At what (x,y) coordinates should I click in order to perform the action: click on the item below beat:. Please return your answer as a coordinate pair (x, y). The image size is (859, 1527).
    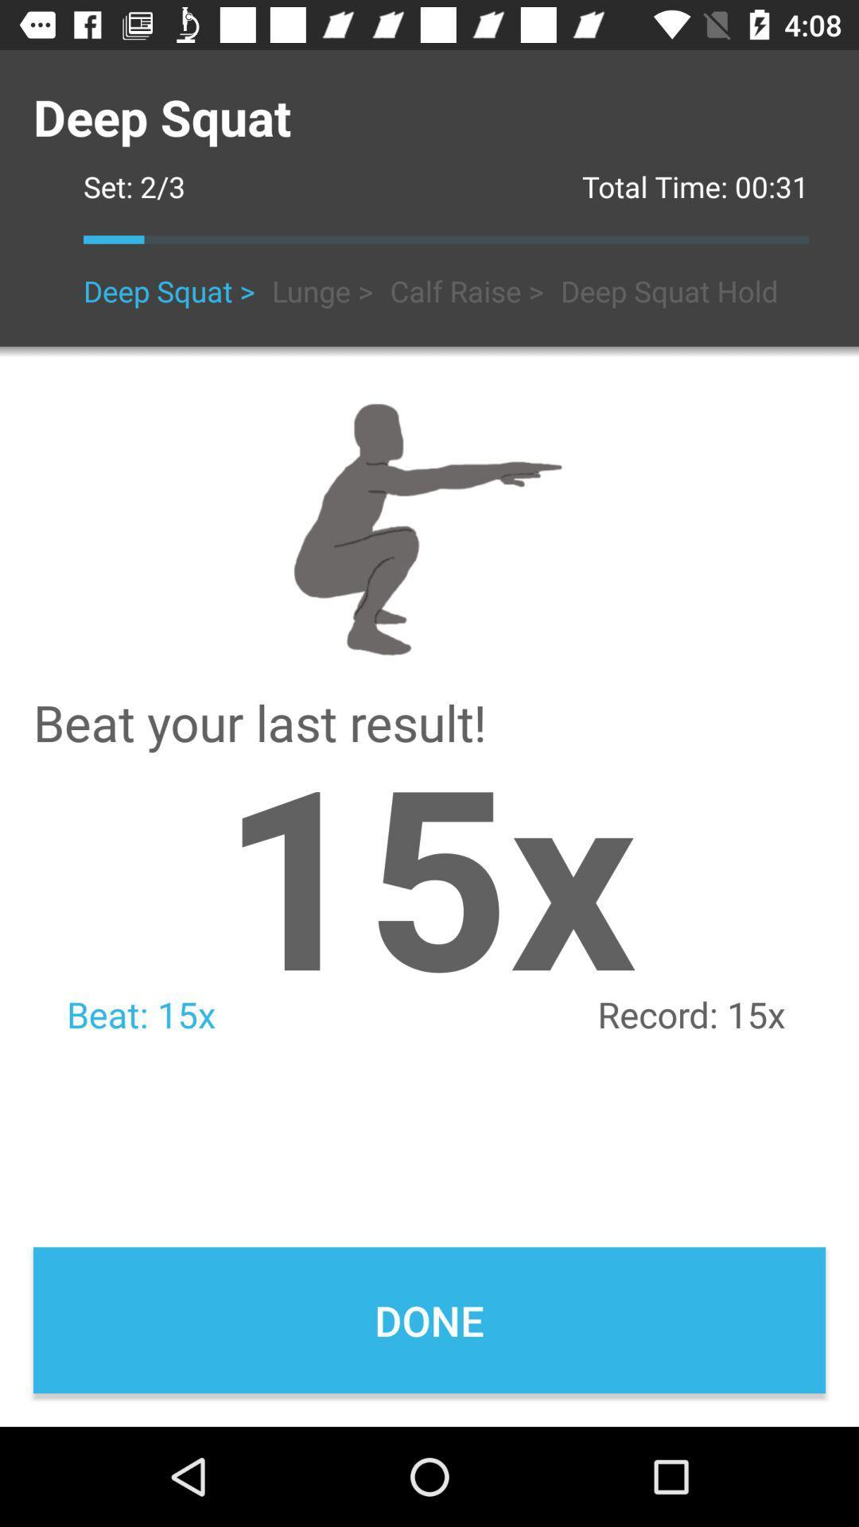
    Looking at the image, I should click on (429, 1320).